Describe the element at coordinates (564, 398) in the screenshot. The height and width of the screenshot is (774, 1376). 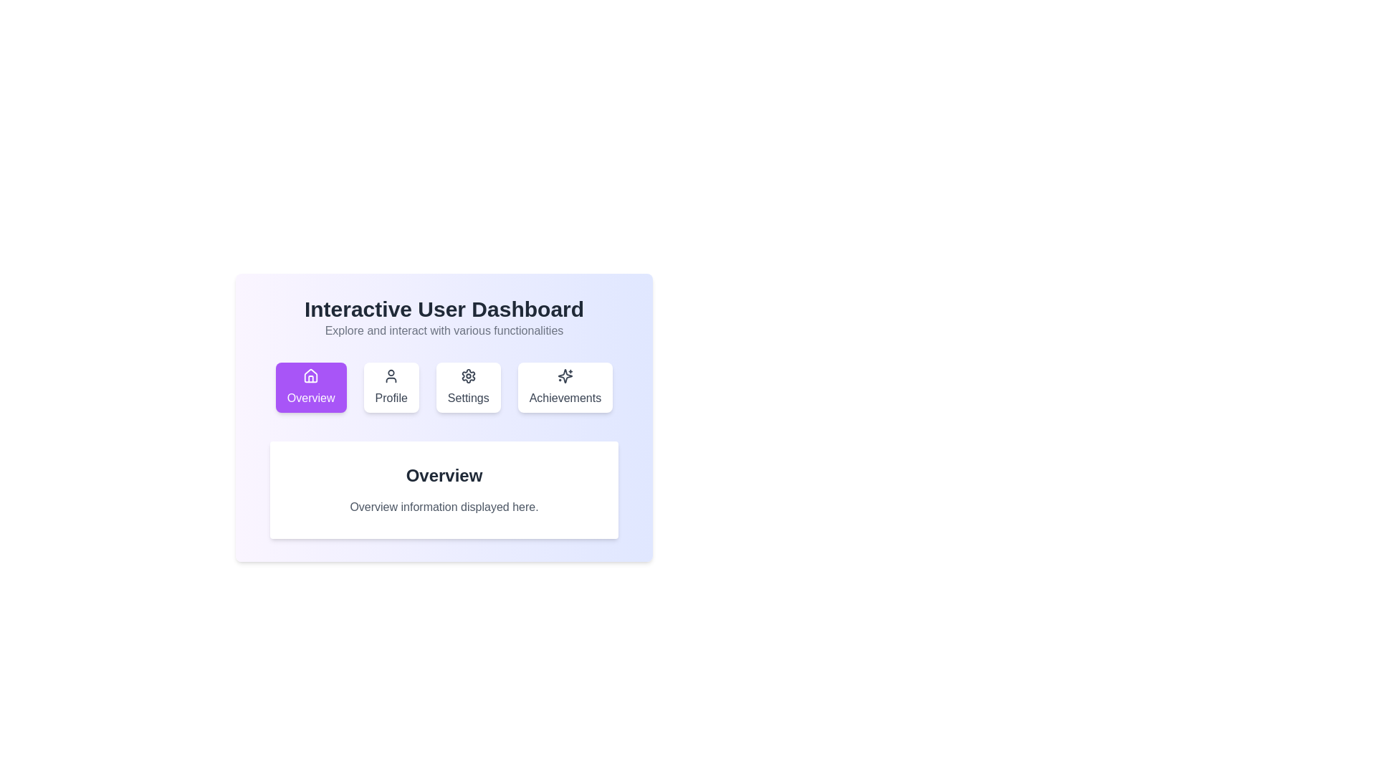
I see `the 'Achievements' button, which features a text label displaying 'Achievements' in dark-gray color, located below a sparkles icon and part of a button group` at that location.